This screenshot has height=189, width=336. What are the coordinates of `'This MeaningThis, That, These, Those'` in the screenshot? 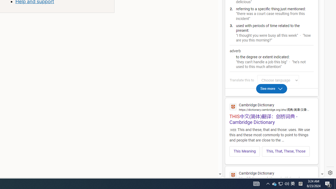 It's located at (271, 150).